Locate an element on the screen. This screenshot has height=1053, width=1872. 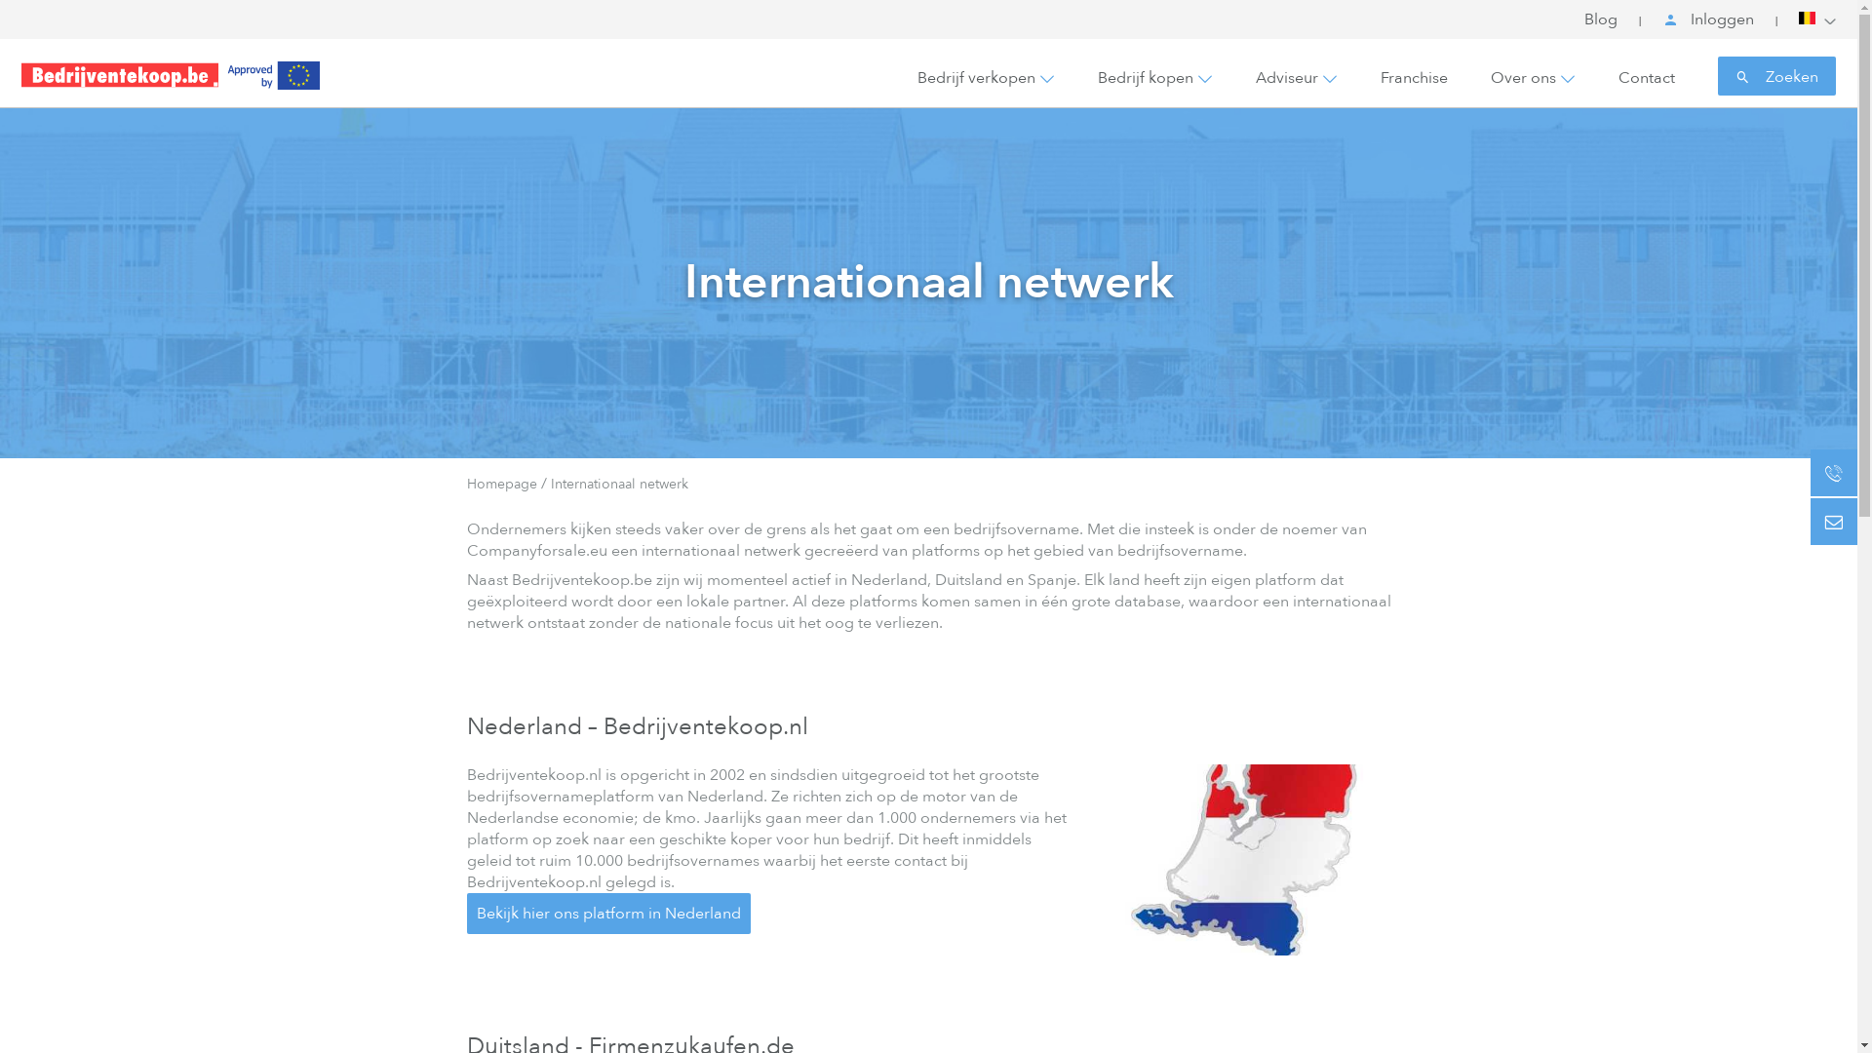
'Internationaal netwerk' is located at coordinates (617, 483).